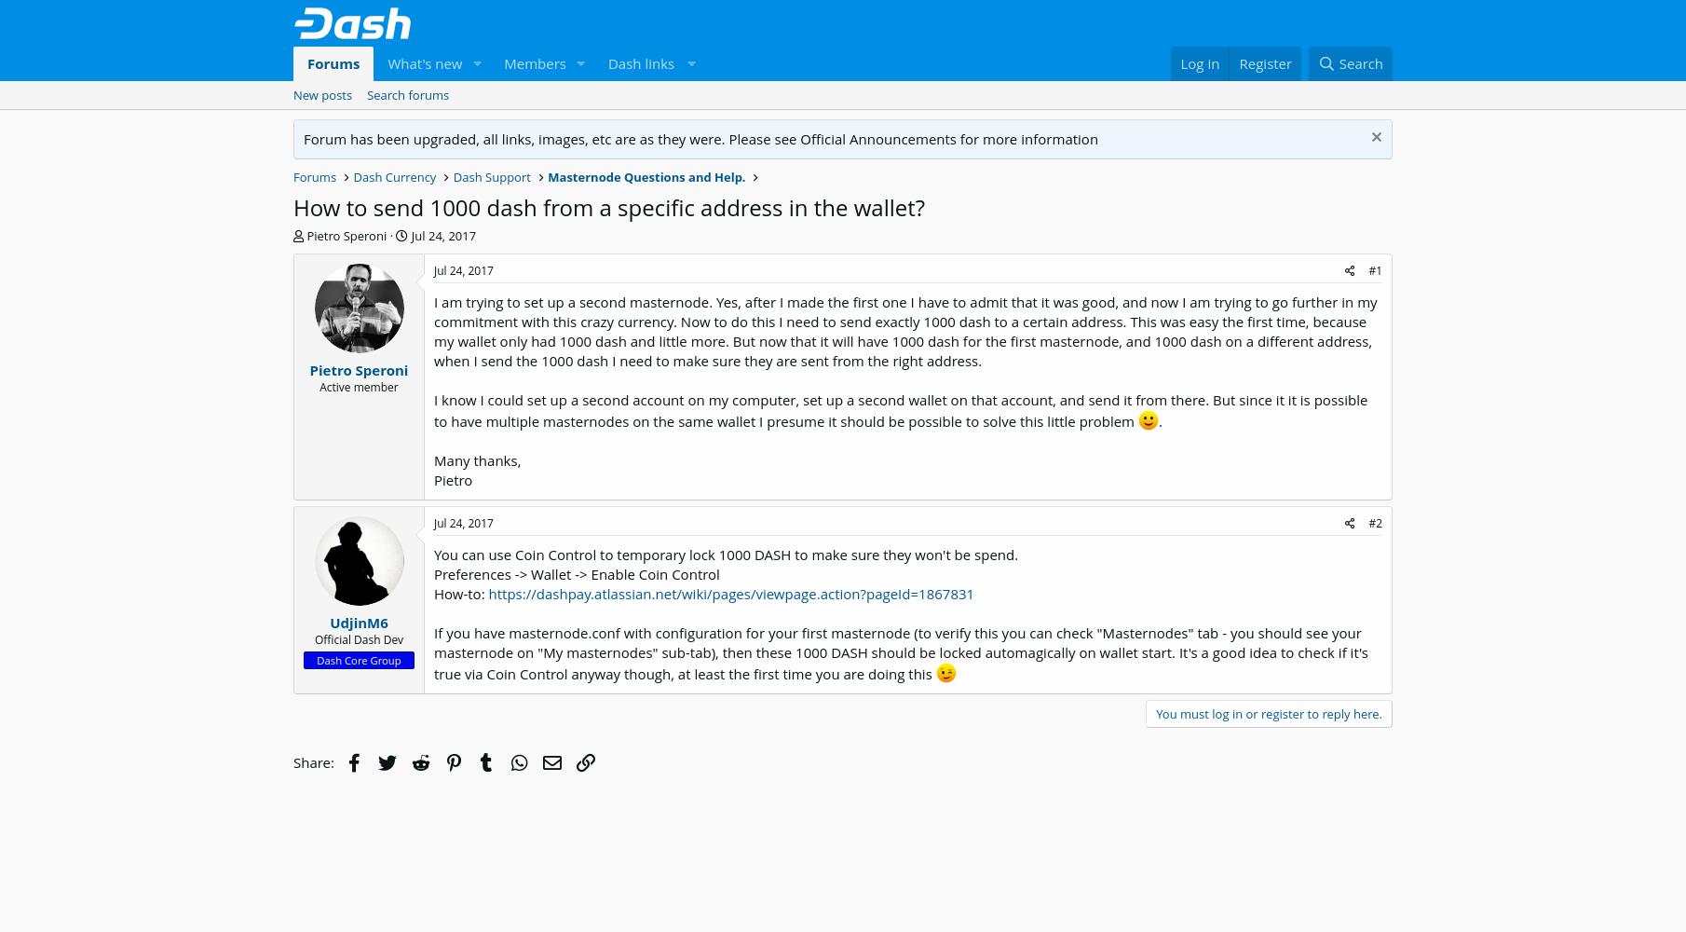 The width and height of the screenshot is (1686, 932). I want to click on 'Search', so click(1361, 62).